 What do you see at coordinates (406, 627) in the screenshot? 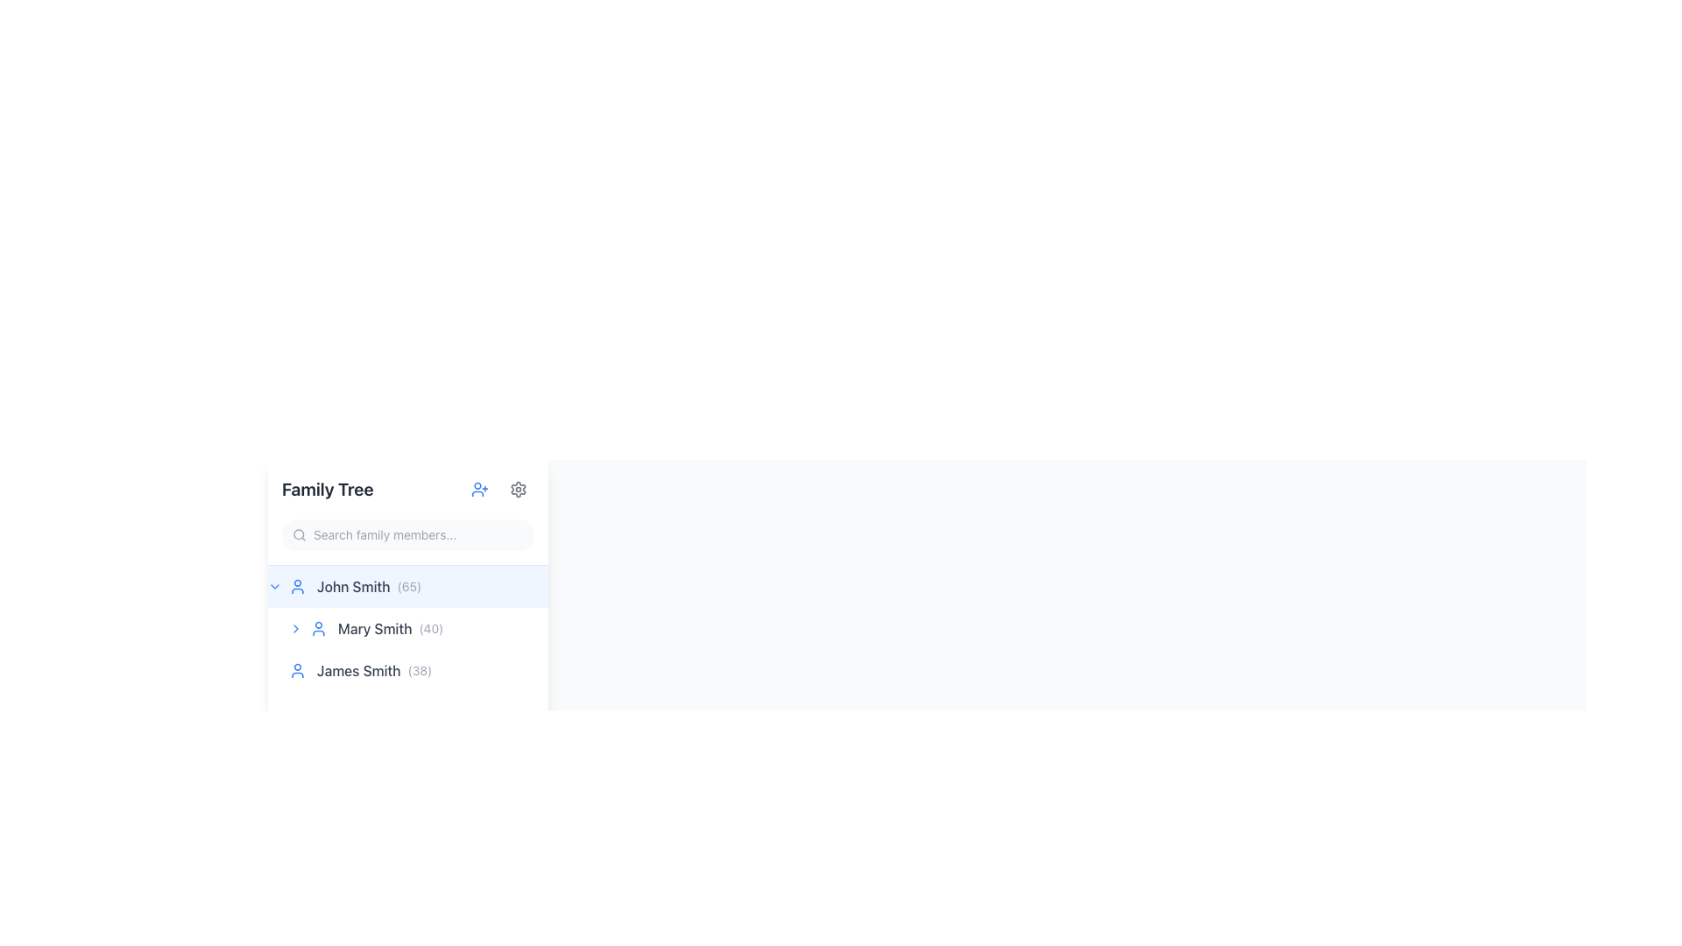
I see `the arrow icon next to 'Mary Smith'` at bounding box center [406, 627].